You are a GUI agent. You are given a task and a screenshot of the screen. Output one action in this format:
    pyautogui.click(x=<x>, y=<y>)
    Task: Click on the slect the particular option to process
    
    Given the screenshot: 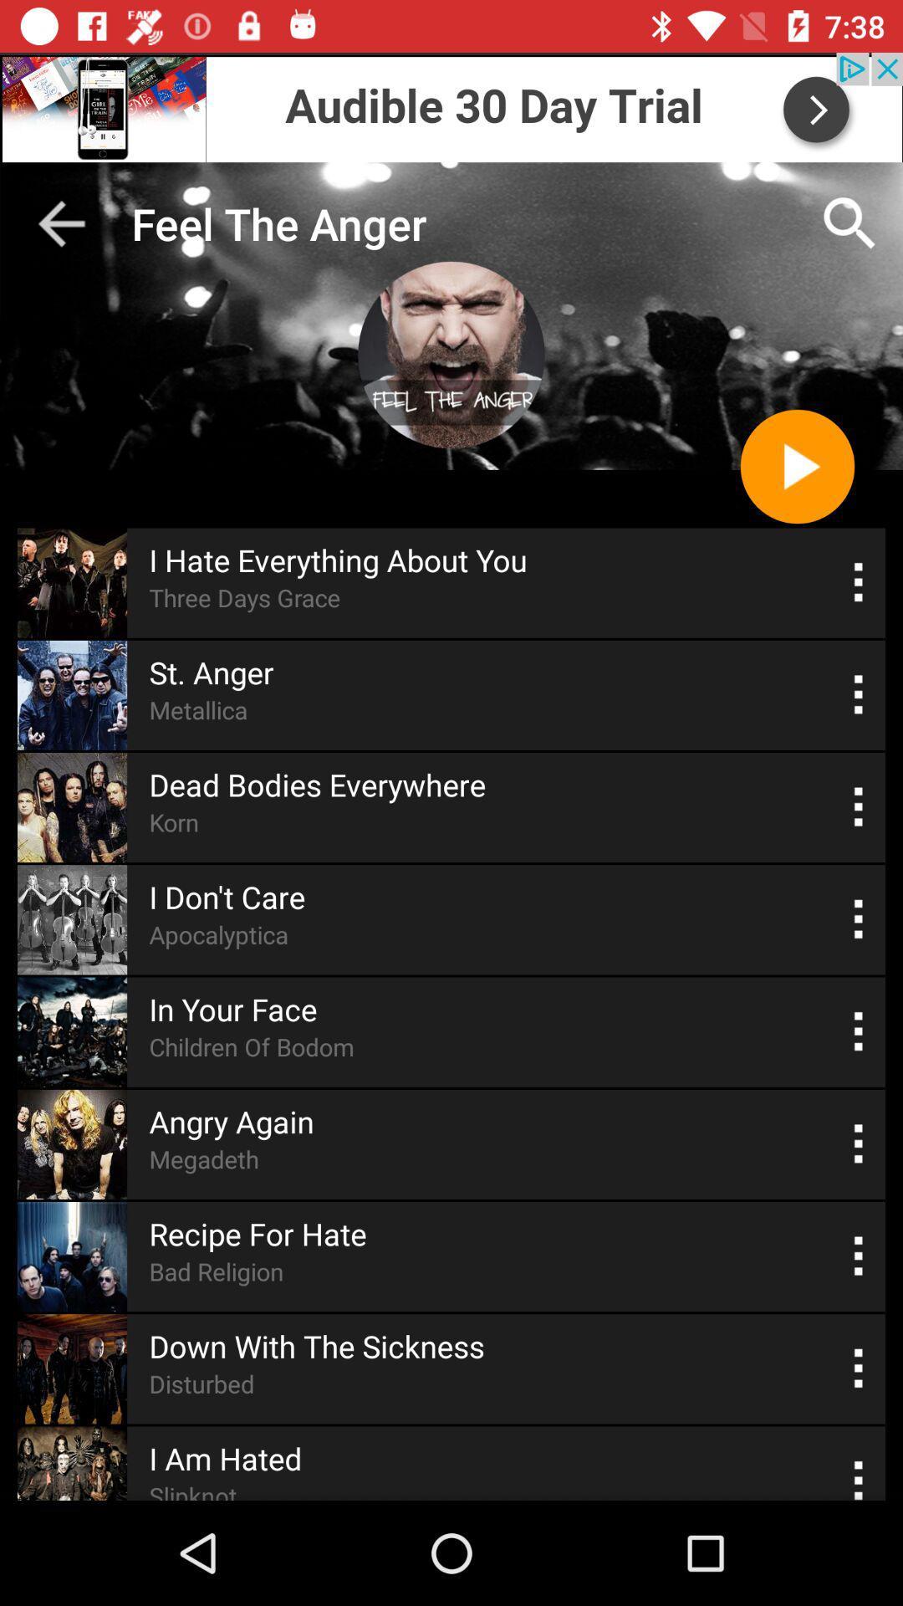 What is the action you would take?
    pyautogui.click(x=859, y=1256)
    